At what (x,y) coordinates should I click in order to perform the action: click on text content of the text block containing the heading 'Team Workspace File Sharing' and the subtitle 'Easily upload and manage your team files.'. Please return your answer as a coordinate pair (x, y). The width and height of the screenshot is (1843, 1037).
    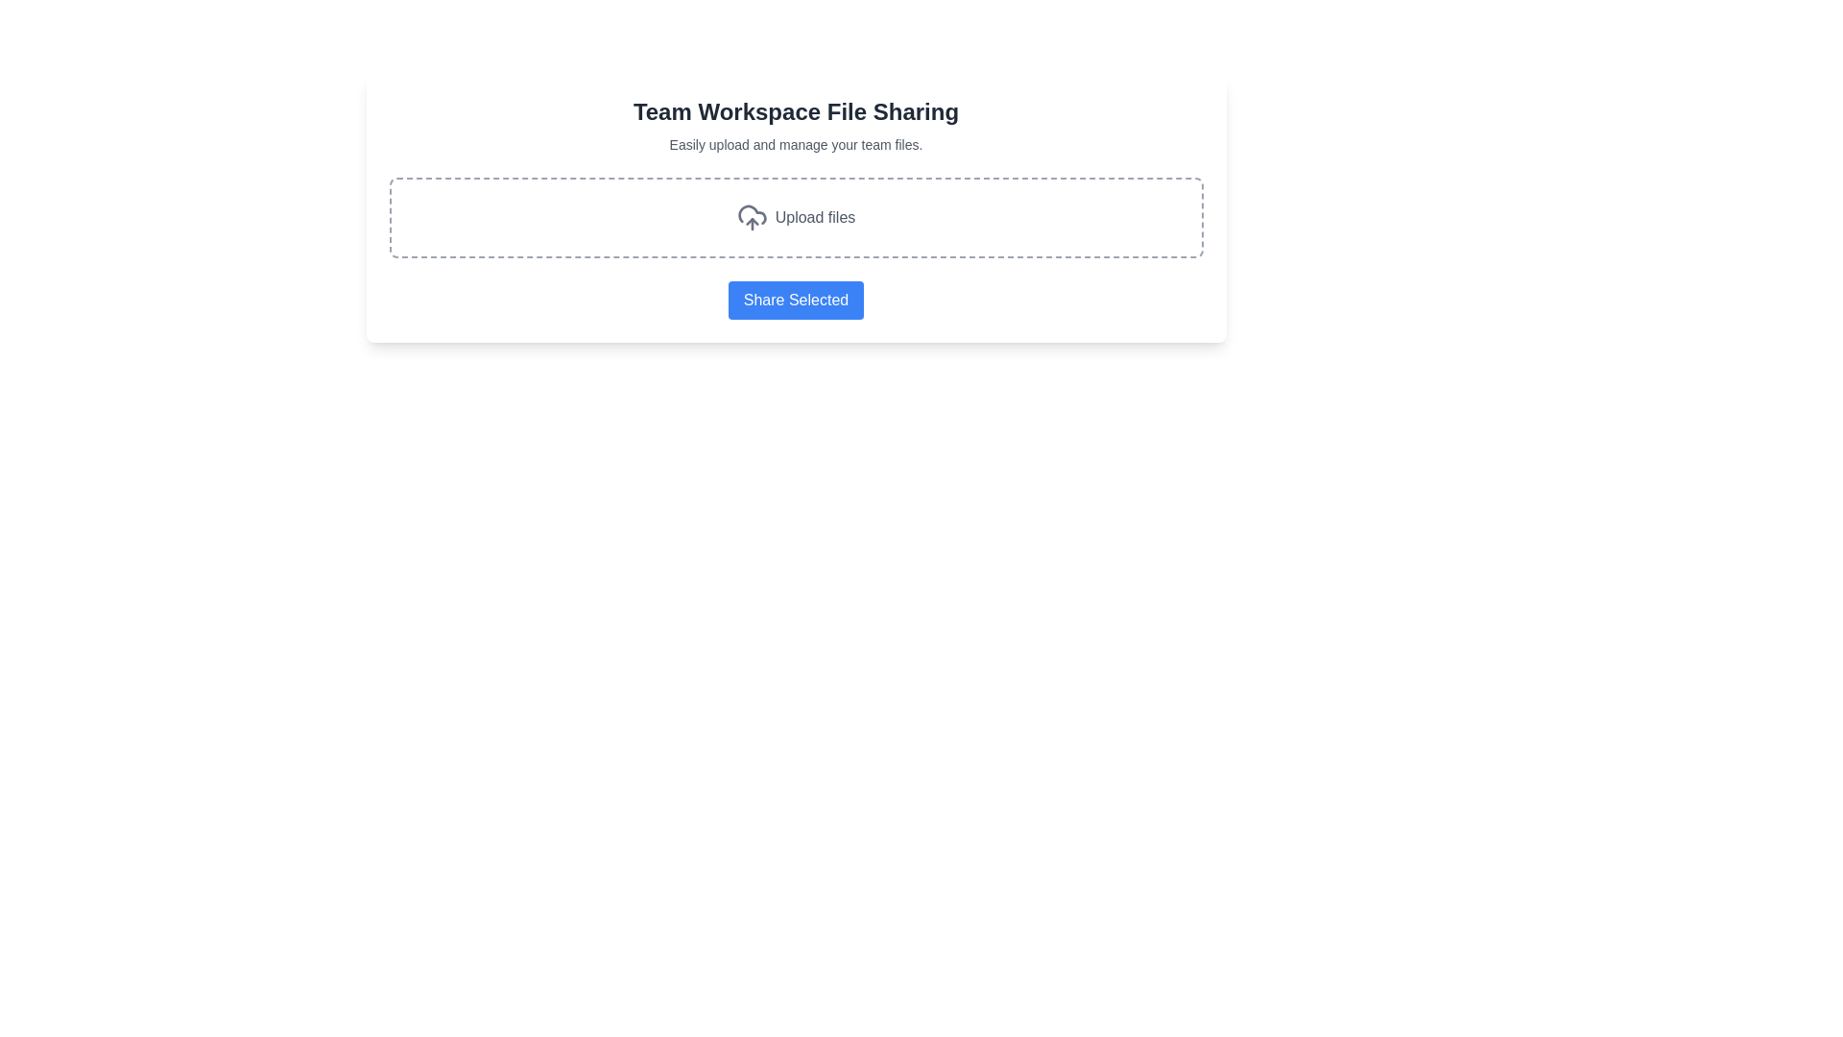
    Looking at the image, I should click on (796, 126).